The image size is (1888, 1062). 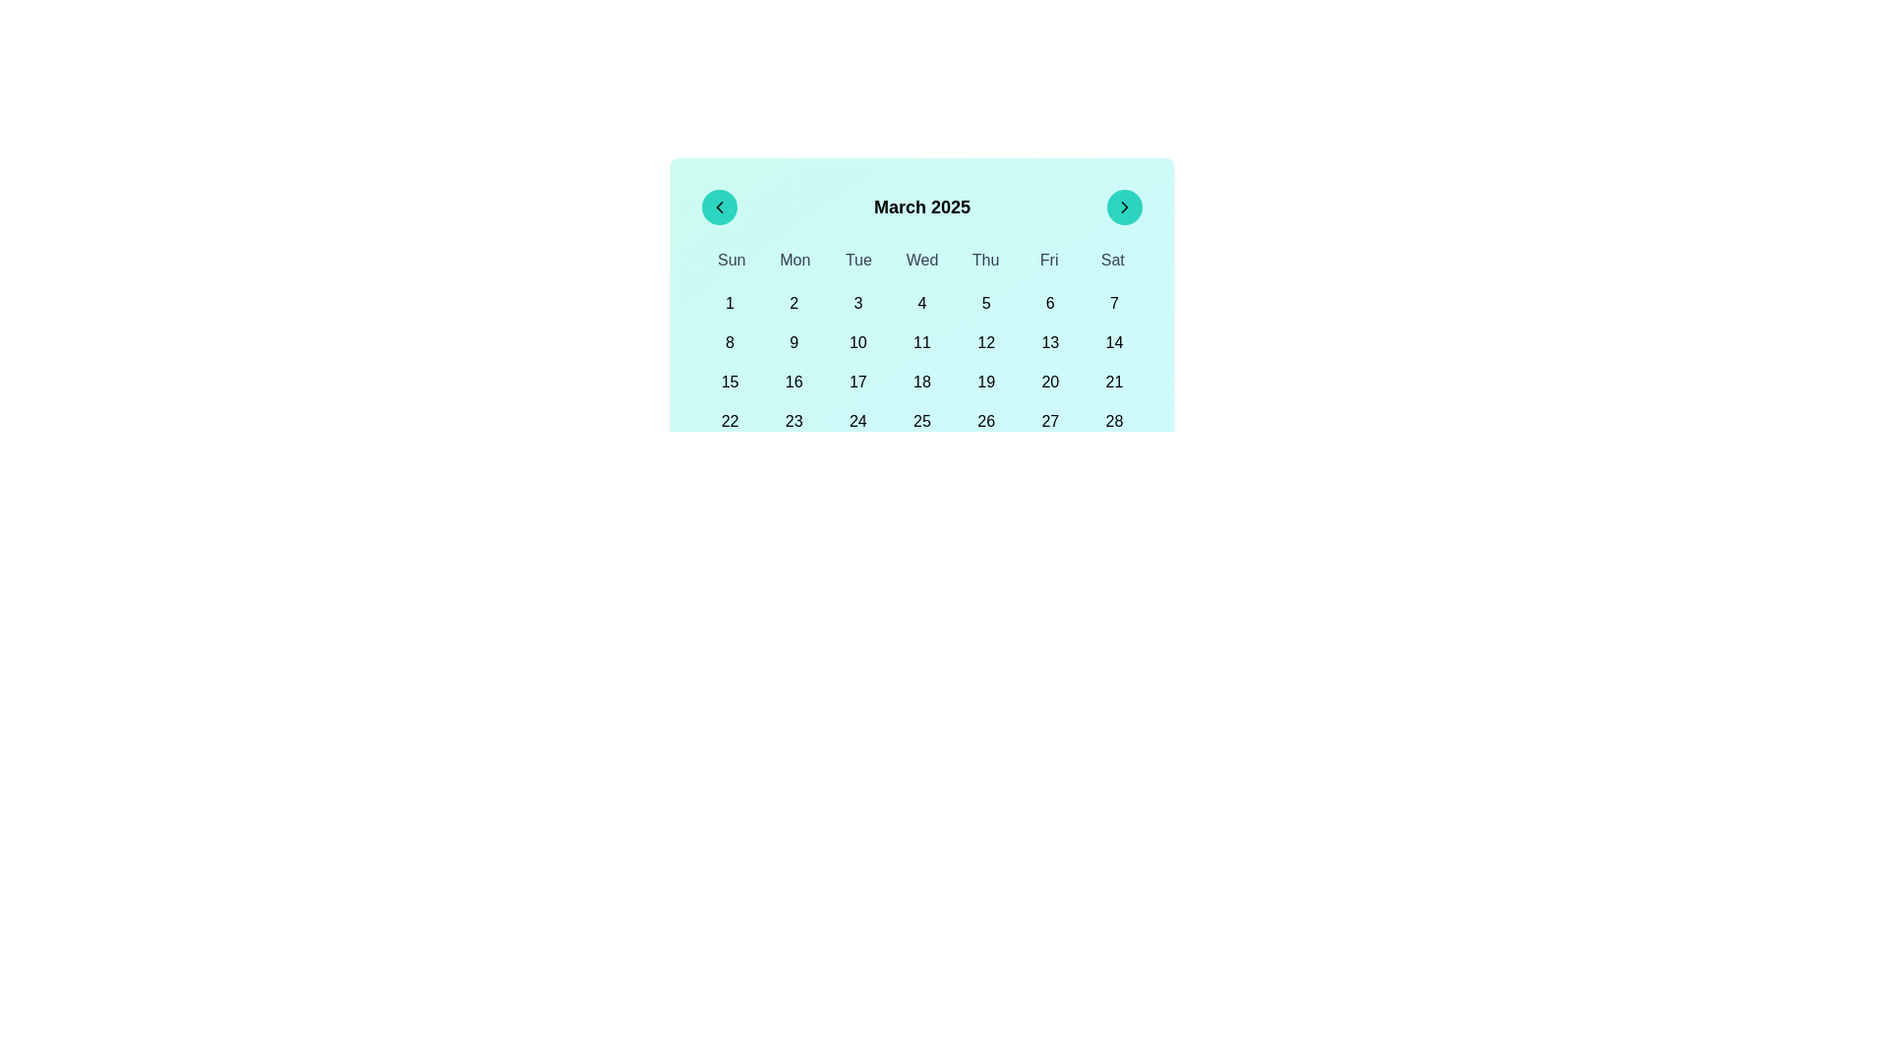 What do you see at coordinates (986, 303) in the screenshot?
I see `the circular button labeled '5' that is part of the calendar grid layout` at bounding box center [986, 303].